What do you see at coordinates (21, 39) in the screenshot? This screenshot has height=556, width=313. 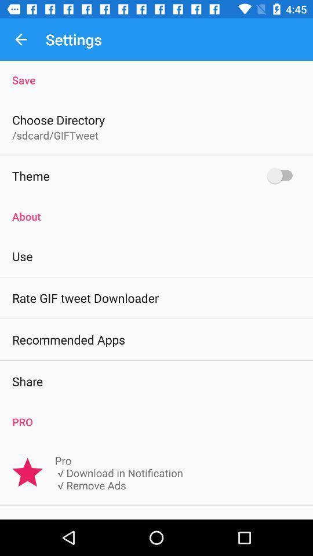 I see `app to the left of the settings` at bounding box center [21, 39].